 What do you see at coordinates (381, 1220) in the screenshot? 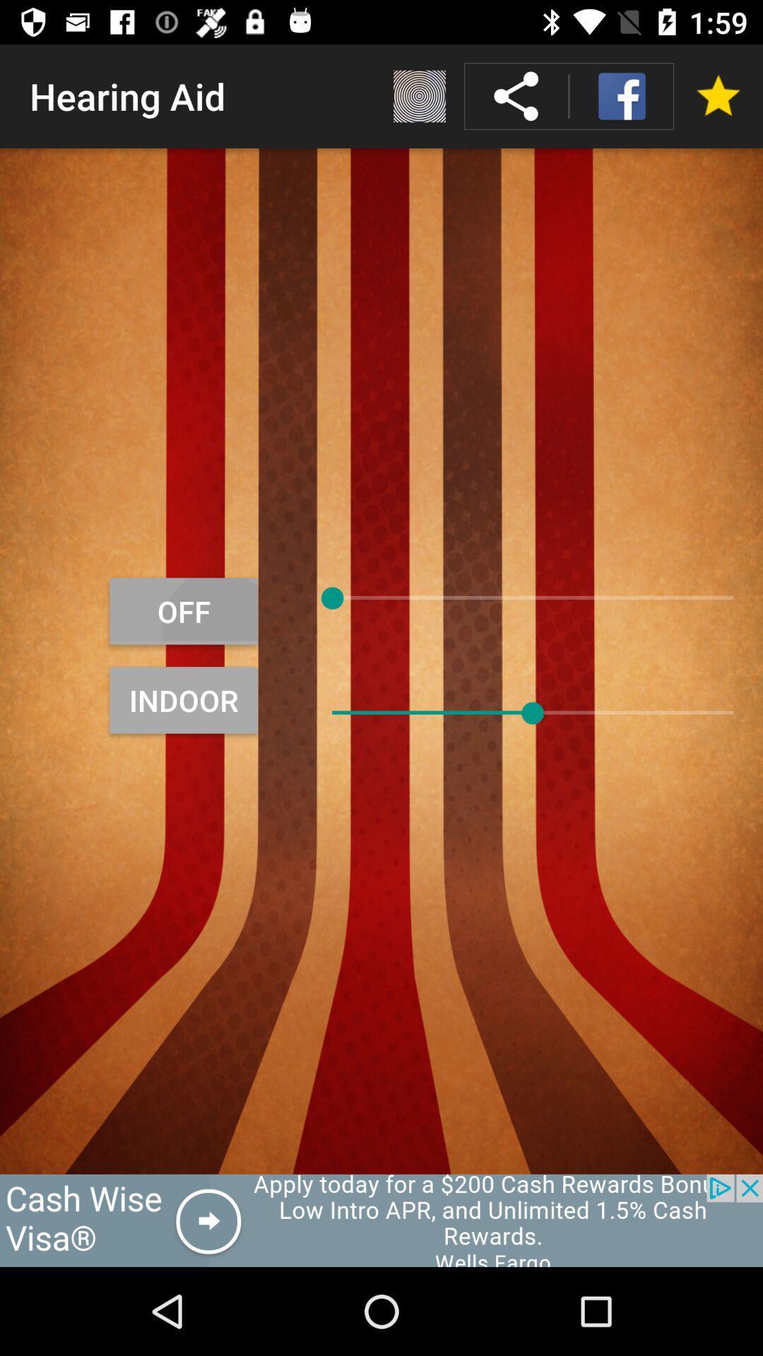
I see `the advertisement page` at bounding box center [381, 1220].